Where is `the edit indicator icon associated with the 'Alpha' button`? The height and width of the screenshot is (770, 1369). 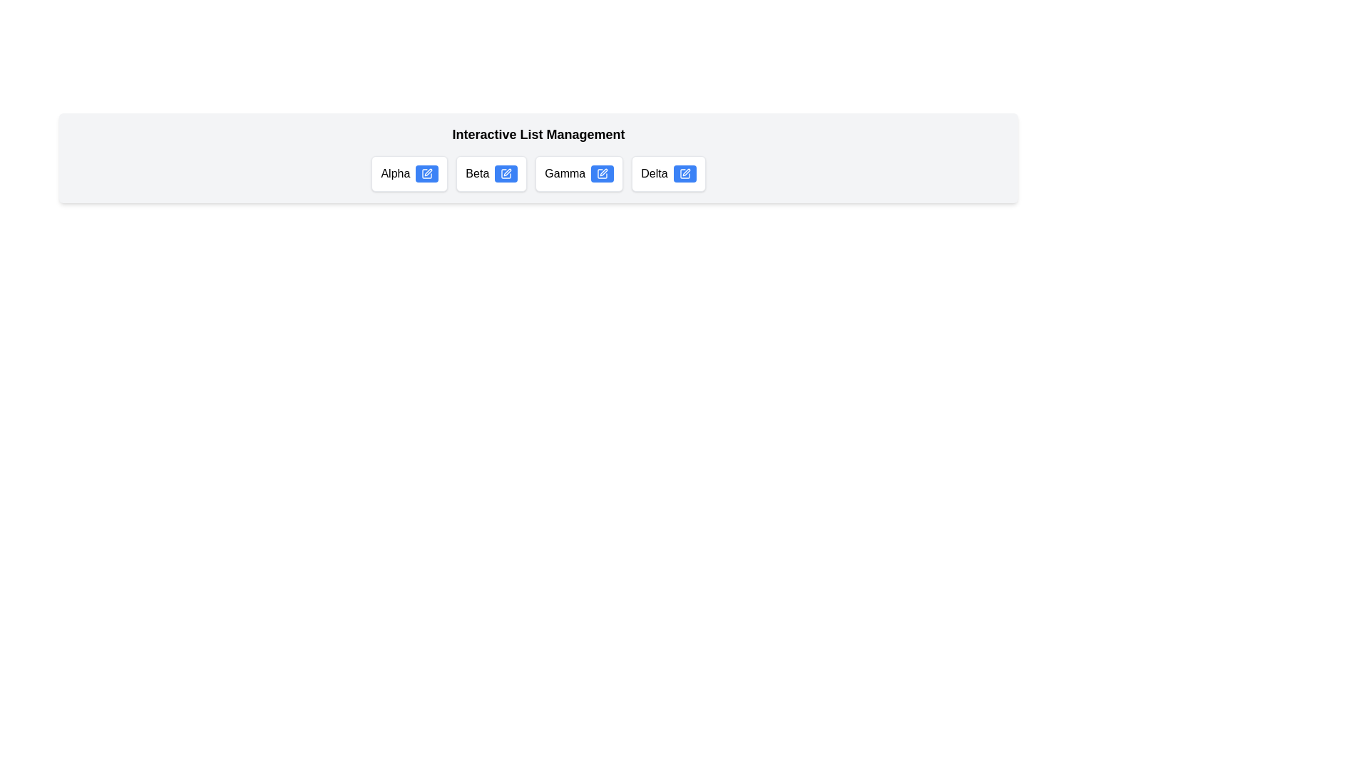
the edit indicator icon associated with the 'Alpha' button is located at coordinates (426, 173).